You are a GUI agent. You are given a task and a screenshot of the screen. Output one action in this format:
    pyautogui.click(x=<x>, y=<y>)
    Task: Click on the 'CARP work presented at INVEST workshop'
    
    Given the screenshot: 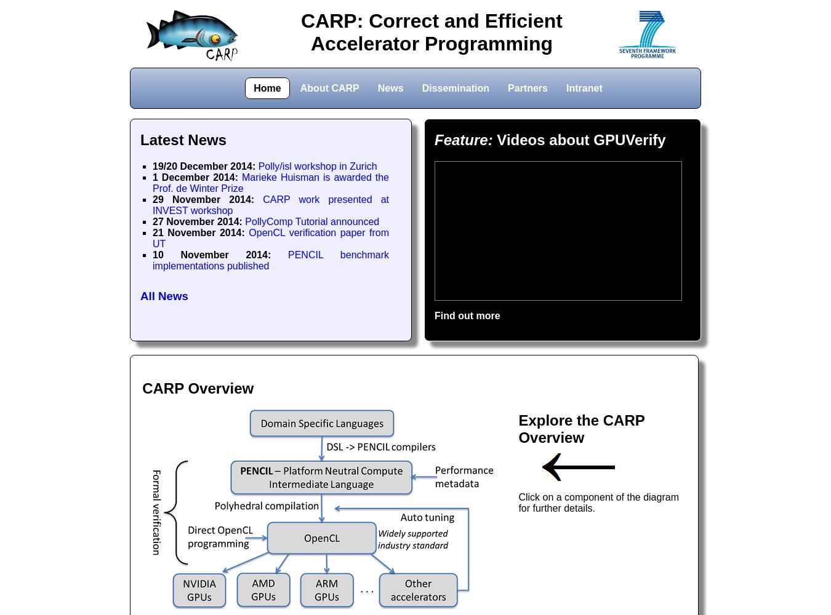 What is the action you would take?
    pyautogui.click(x=270, y=204)
    